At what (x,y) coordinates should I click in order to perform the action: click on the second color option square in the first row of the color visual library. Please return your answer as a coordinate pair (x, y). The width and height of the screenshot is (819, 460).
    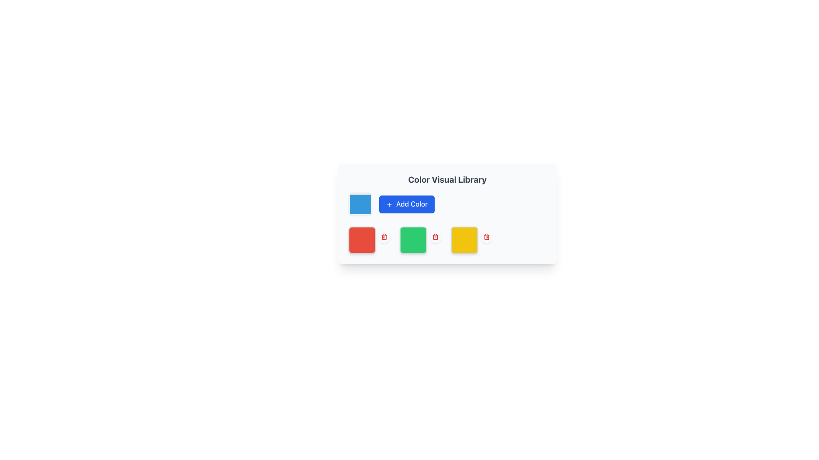
    Looking at the image, I should click on (370, 240).